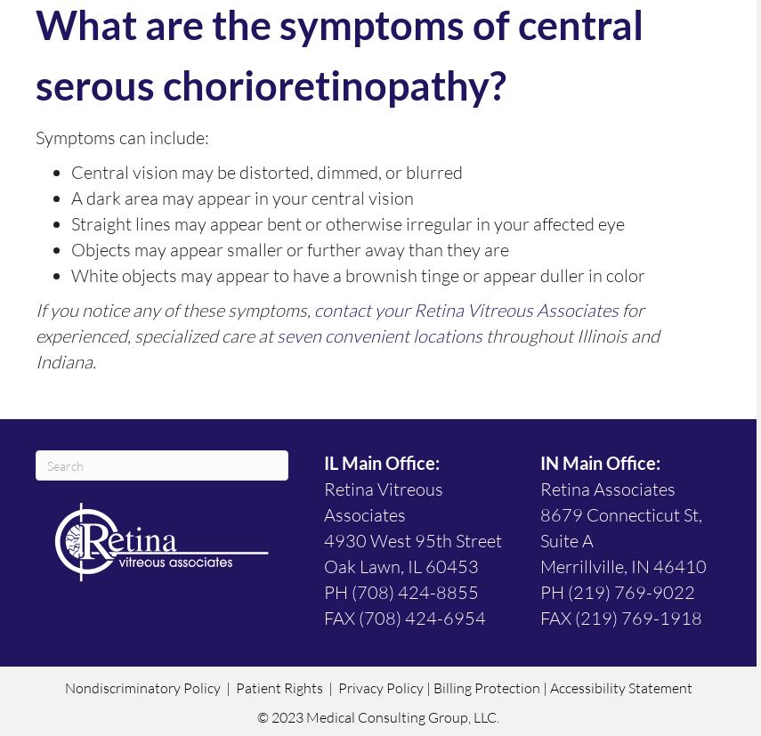 This screenshot has width=761, height=736. I want to click on 'PH (219) 769-9022', so click(539, 592).